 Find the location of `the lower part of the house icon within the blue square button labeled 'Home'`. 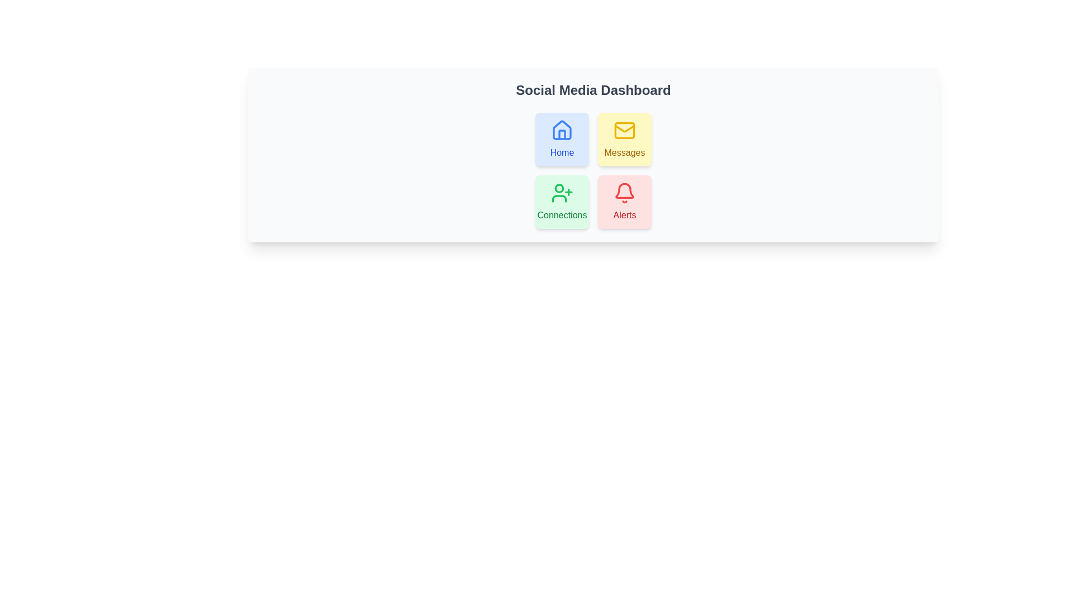

the lower part of the house icon within the blue square button labeled 'Home' is located at coordinates (562, 134).